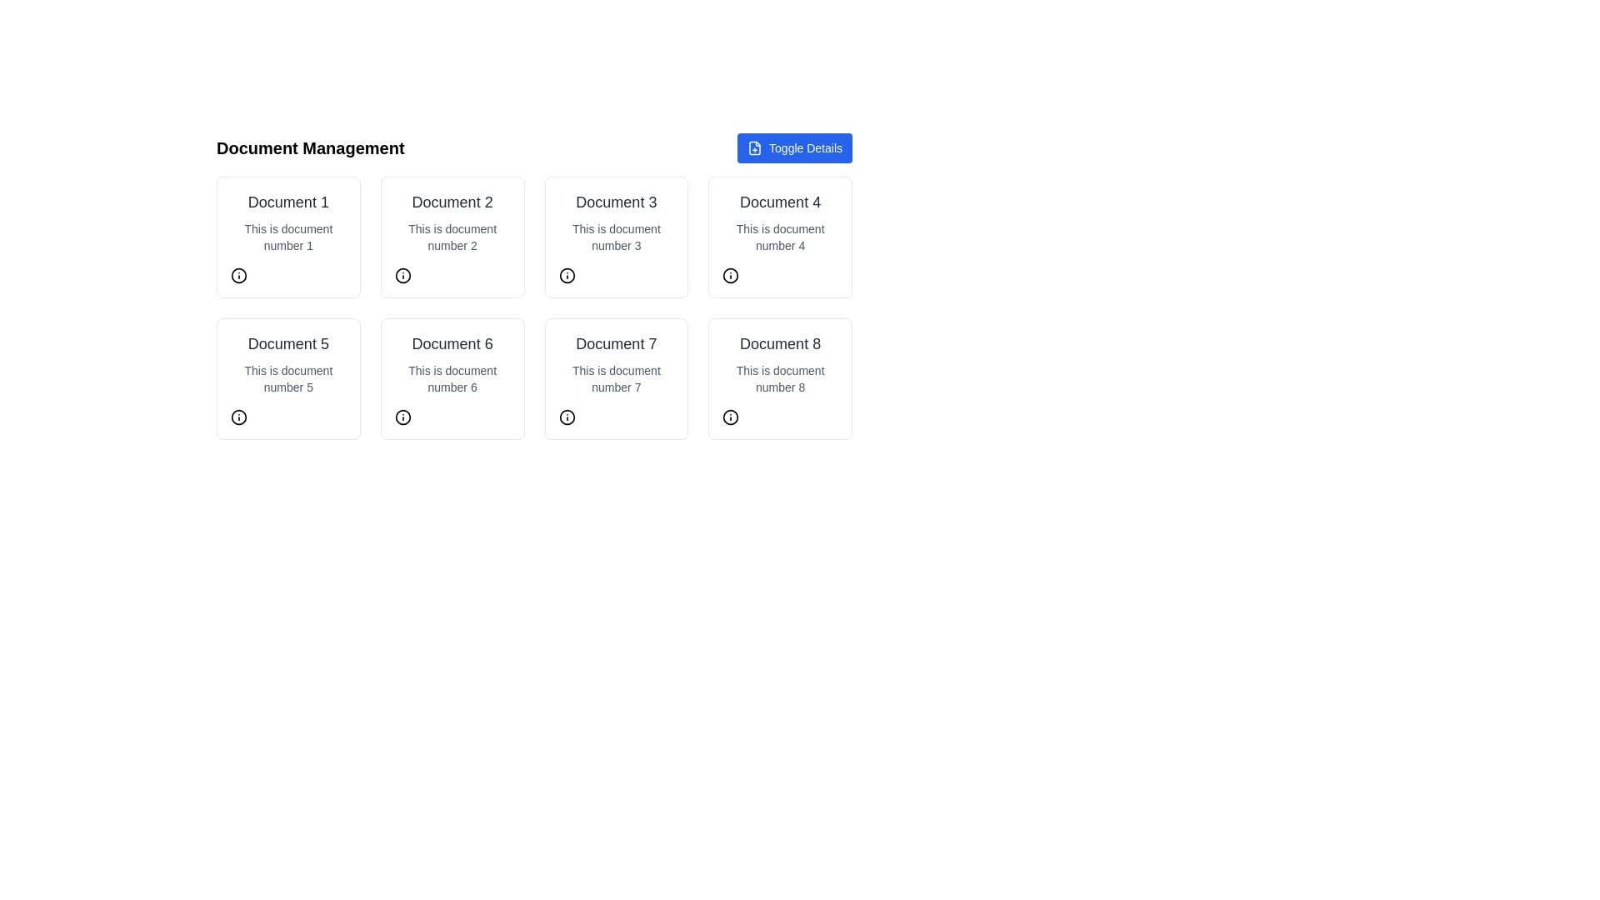 The height and width of the screenshot is (900, 1600). What do you see at coordinates (288, 202) in the screenshot?
I see `text content of the title element labeled 'Document 1' located at the upper part of the first card in the grid layout` at bounding box center [288, 202].